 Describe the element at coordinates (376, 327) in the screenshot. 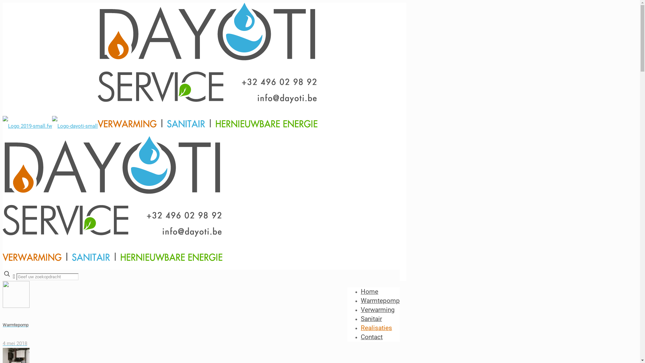

I see `'Realisaties'` at that location.